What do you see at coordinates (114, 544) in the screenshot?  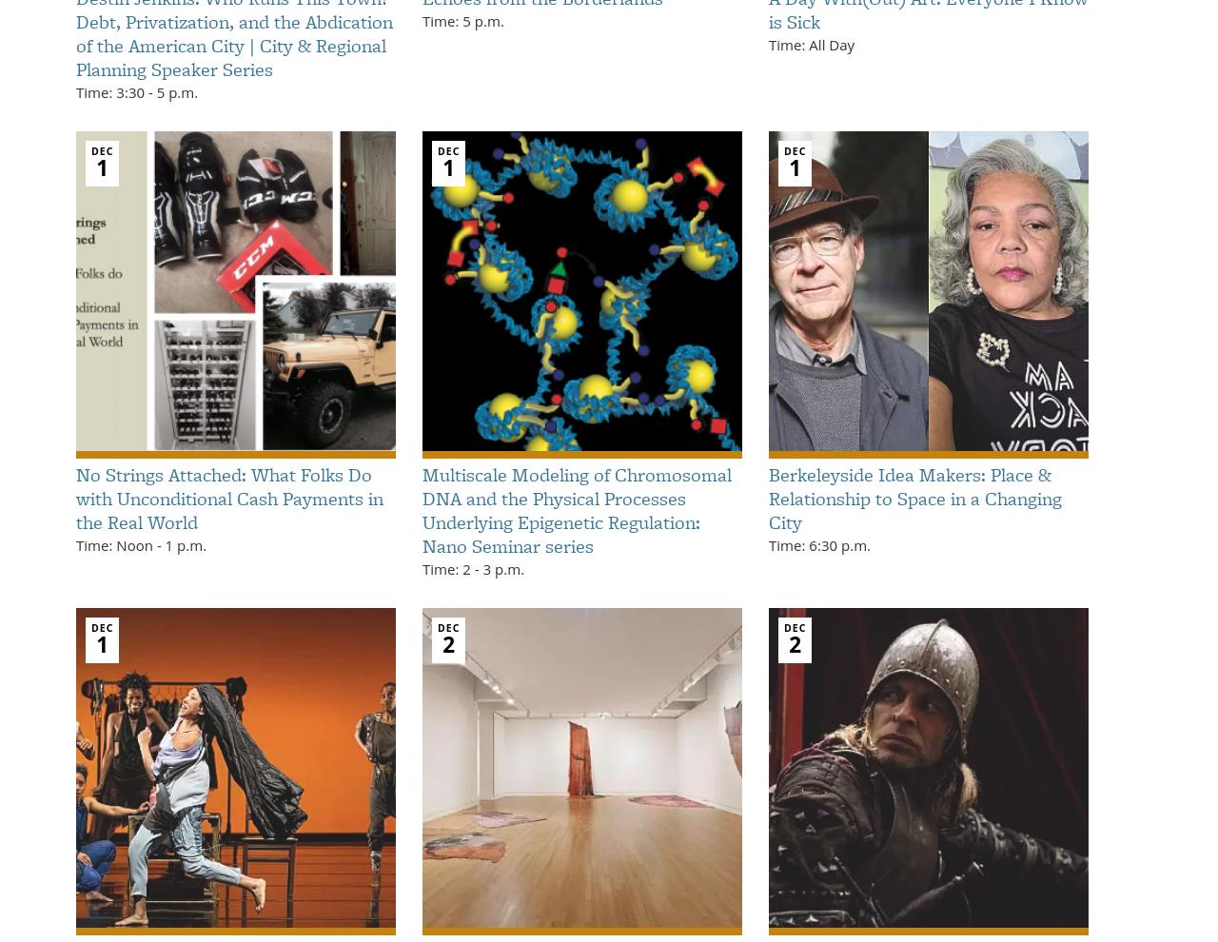 I see `'Time: Noon'` at bounding box center [114, 544].